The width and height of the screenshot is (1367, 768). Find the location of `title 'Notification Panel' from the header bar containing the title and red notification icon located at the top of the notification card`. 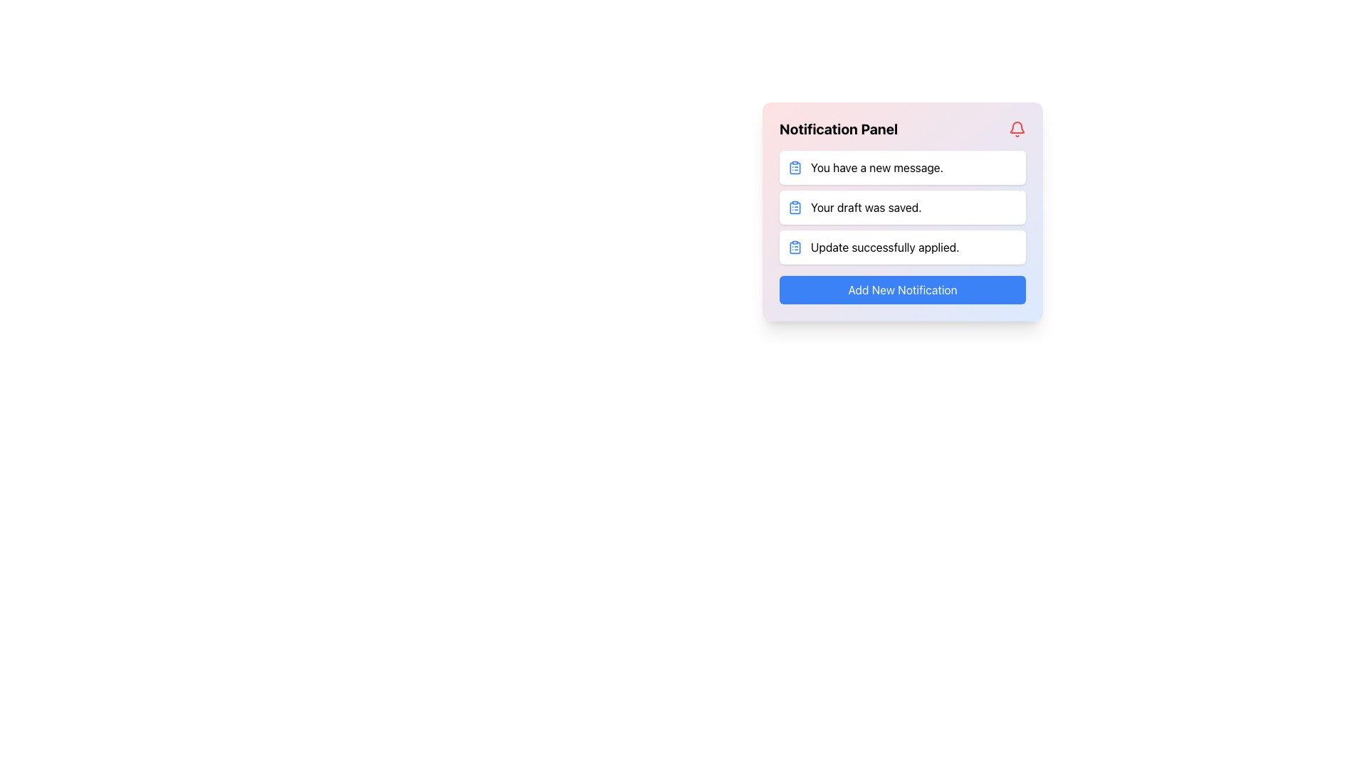

title 'Notification Panel' from the header bar containing the title and red notification icon located at the top of the notification card is located at coordinates (901, 129).